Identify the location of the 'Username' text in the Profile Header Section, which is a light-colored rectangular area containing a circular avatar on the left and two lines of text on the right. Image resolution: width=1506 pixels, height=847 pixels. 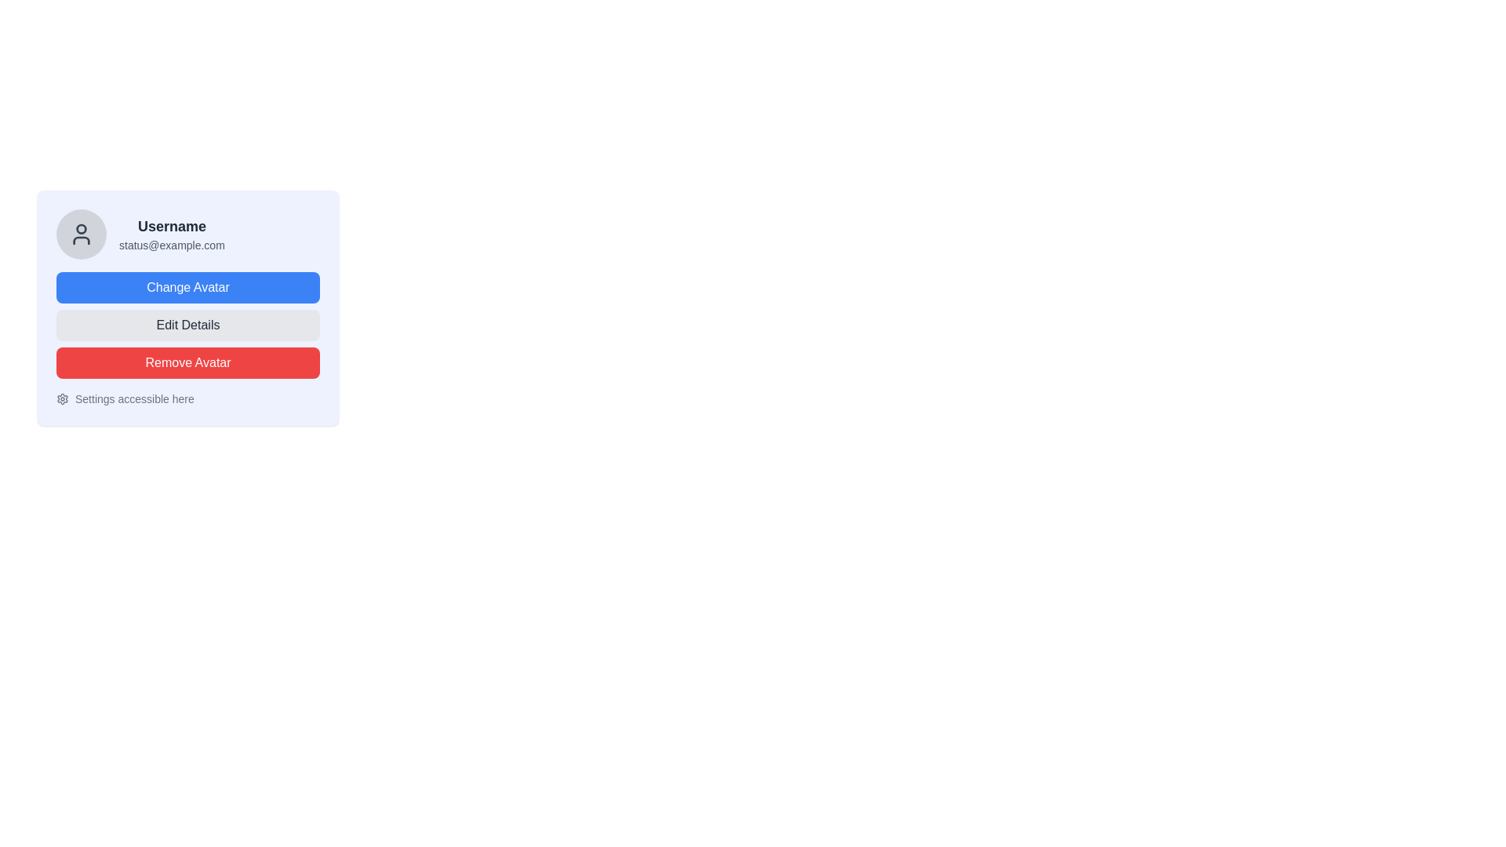
(188, 234).